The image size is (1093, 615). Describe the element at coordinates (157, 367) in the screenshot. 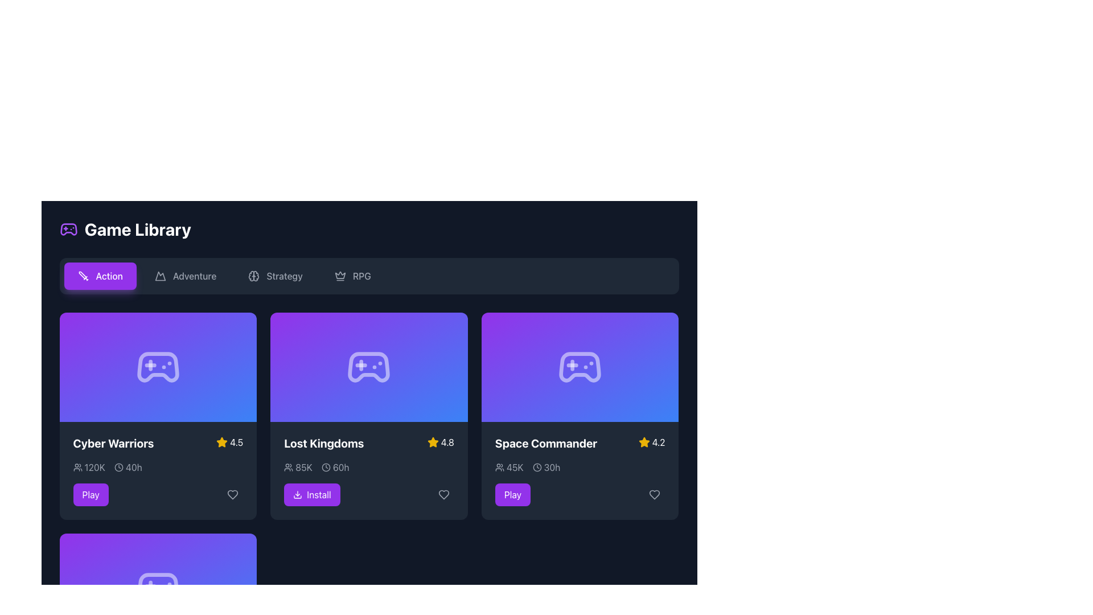

I see `the game controller icon, which is the first icon in the top row of game cards in the library, centered above the text 'Cyber Warriors'` at that location.